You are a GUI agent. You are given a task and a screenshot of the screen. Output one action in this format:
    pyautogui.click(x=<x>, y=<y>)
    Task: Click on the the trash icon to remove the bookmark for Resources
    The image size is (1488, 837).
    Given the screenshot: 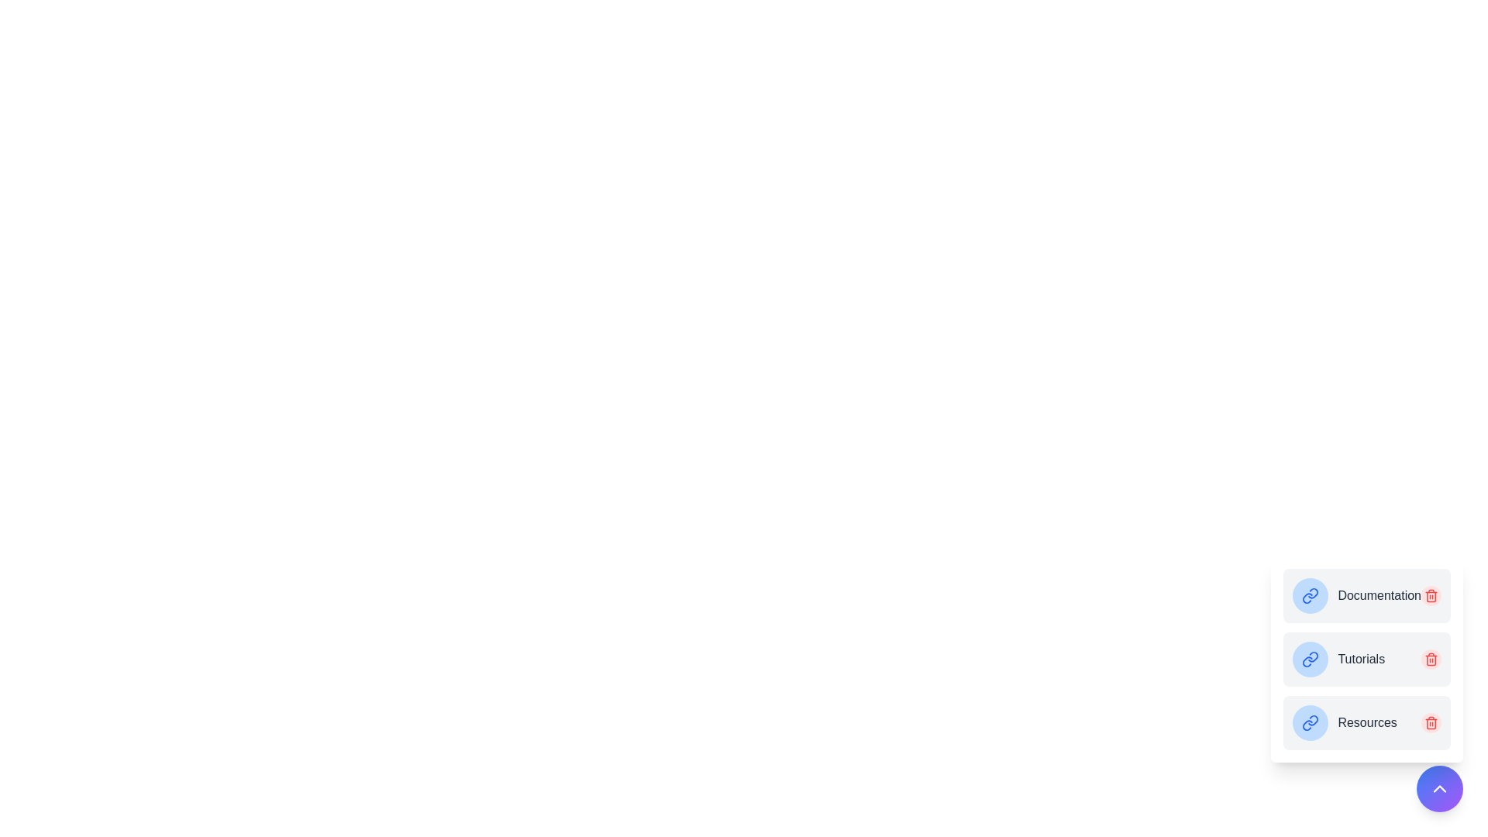 What is the action you would take?
    pyautogui.click(x=1431, y=723)
    